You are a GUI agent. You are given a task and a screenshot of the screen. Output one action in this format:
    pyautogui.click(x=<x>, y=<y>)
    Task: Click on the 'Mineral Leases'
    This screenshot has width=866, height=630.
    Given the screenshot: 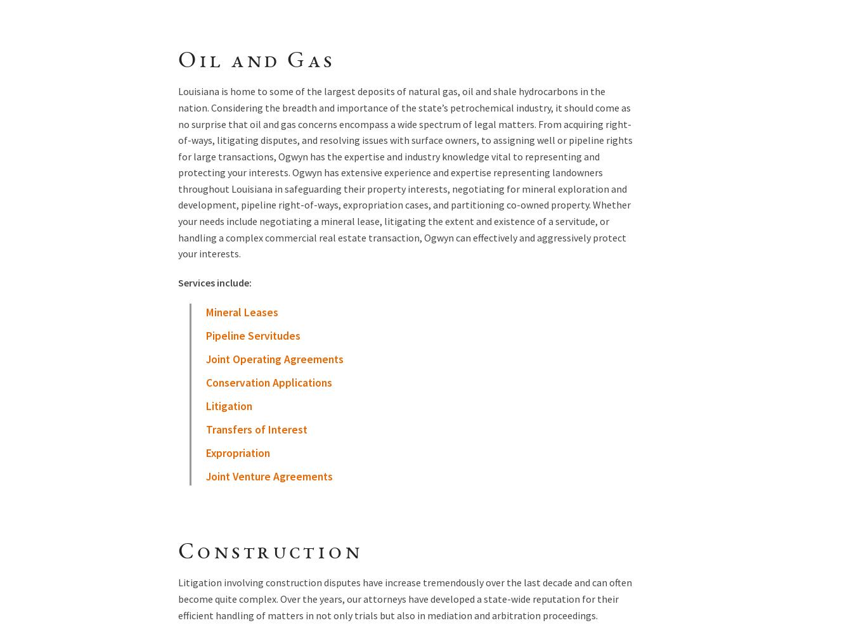 What is the action you would take?
    pyautogui.click(x=240, y=312)
    